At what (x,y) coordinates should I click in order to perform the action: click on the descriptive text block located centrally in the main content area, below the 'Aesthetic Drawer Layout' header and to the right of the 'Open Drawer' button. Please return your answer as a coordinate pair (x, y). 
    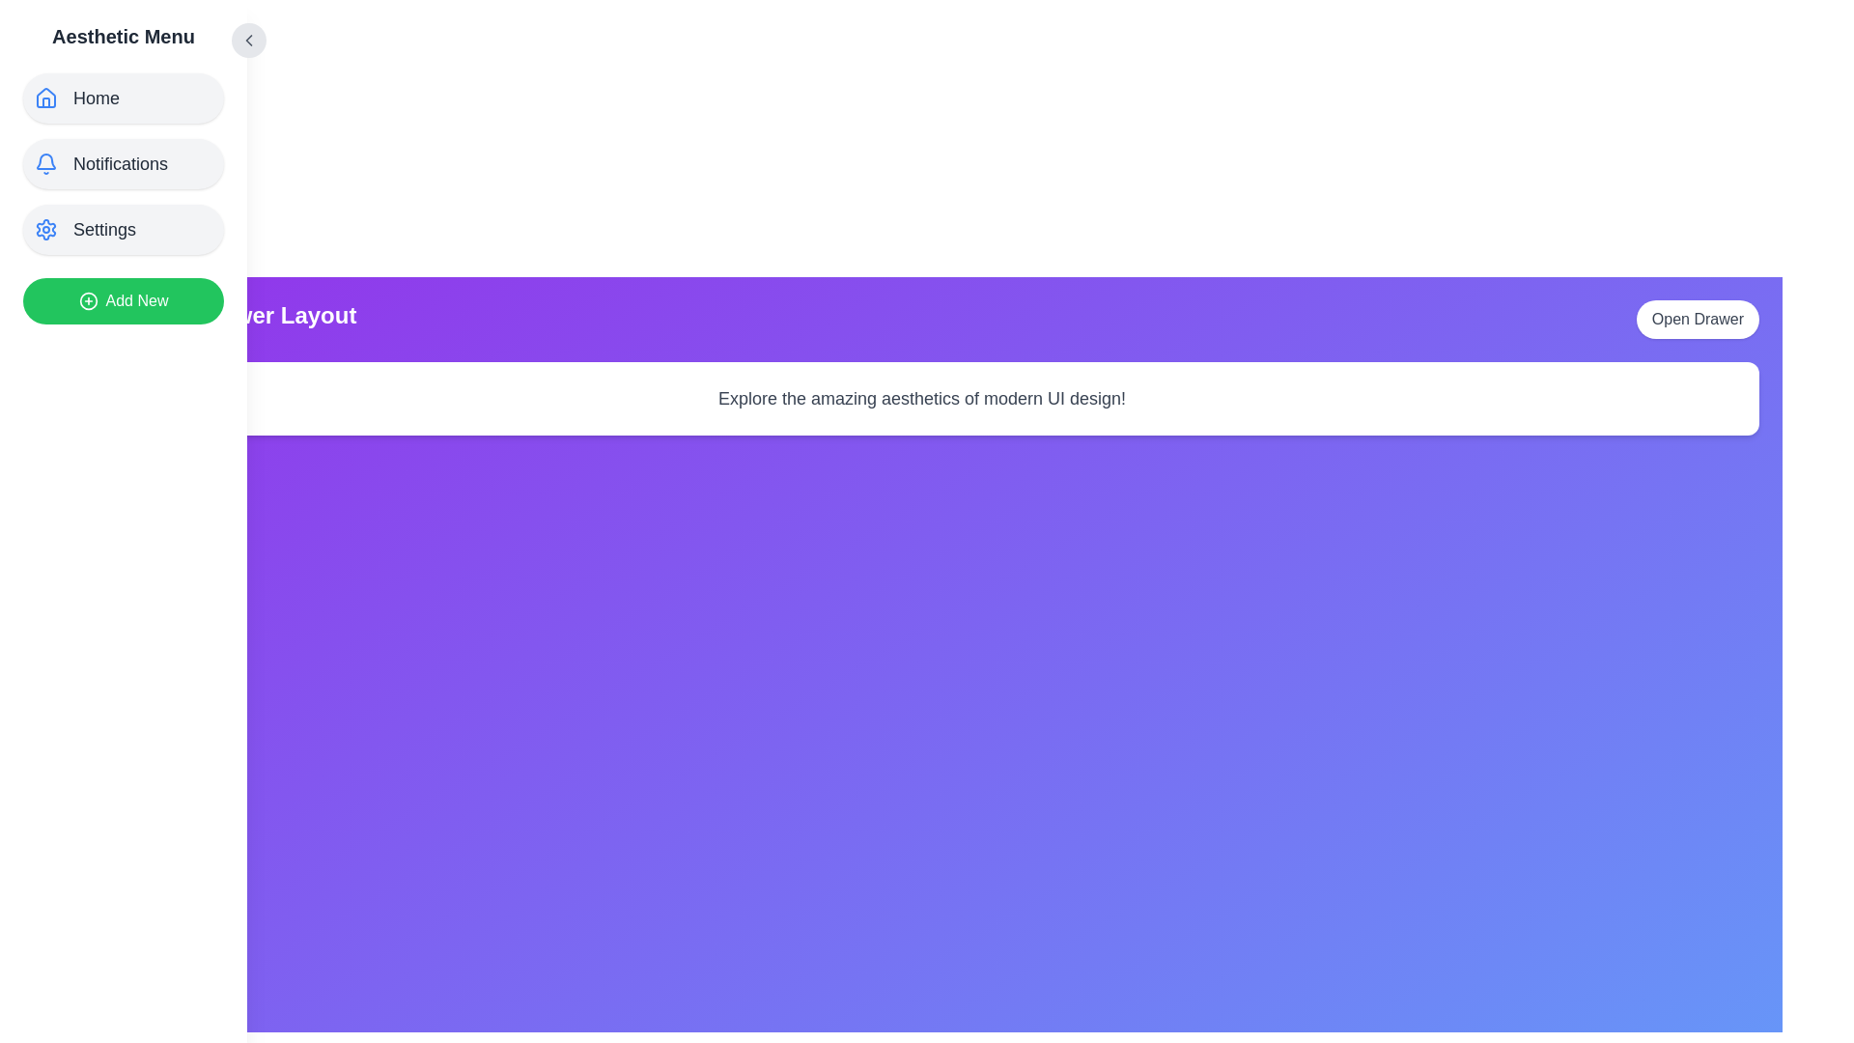
    Looking at the image, I should click on (921, 397).